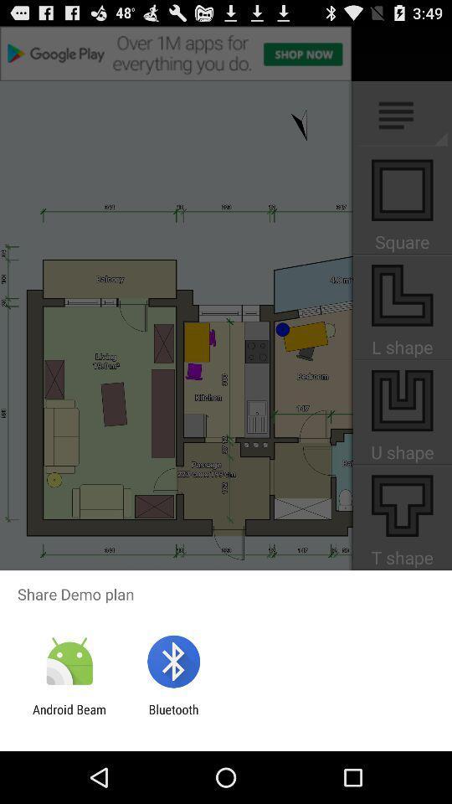 This screenshot has width=452, height=804. What do you see at coordinates (69, 716) in the screenshot?
I see `the app to the left of the bluetooth app` at bounding box center [69, 716].